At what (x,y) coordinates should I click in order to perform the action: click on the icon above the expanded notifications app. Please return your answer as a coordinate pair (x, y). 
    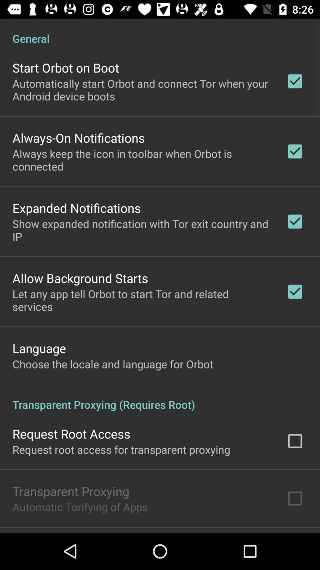
    Looking at the image, I should click on (141, 160).